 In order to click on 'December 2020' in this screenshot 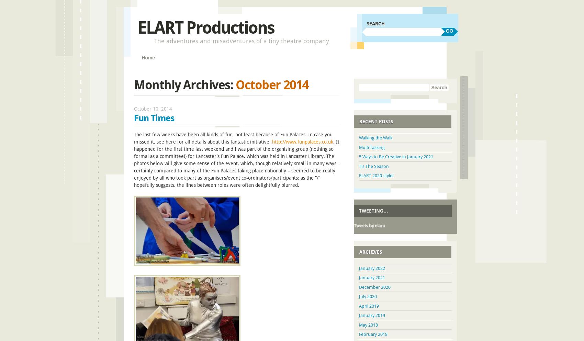, I will do `click(375, 287)`.